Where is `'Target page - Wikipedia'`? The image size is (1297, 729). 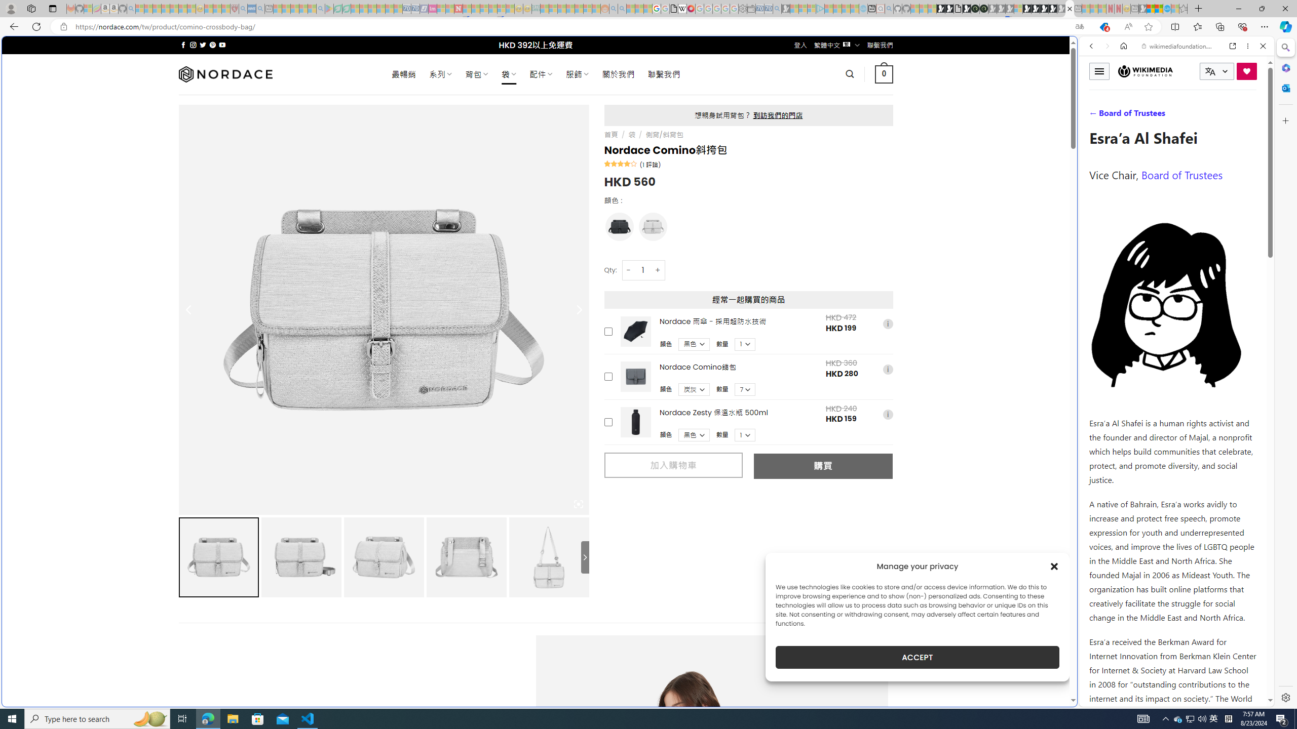
'Target page - Wikipedia' is located at coordinates (682, 8).